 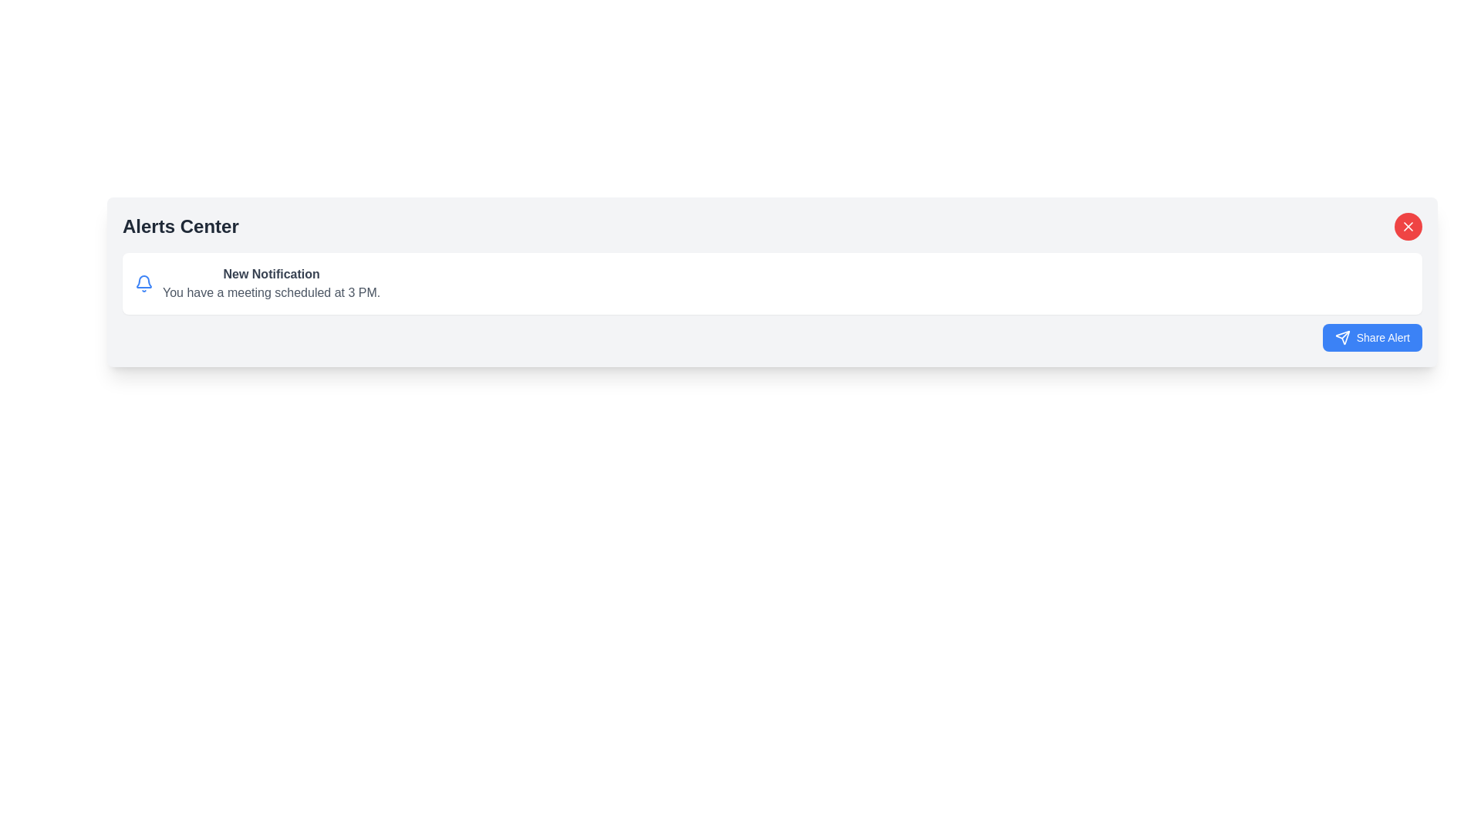 What do you see at coordinates (271, 283) in the screenshot?
I see `the text display component that informs the user about a scheduled meeting at 3 PM, located within the 'Alerts Center' area, to interact with its functionality` at bounding box center [271, 283].